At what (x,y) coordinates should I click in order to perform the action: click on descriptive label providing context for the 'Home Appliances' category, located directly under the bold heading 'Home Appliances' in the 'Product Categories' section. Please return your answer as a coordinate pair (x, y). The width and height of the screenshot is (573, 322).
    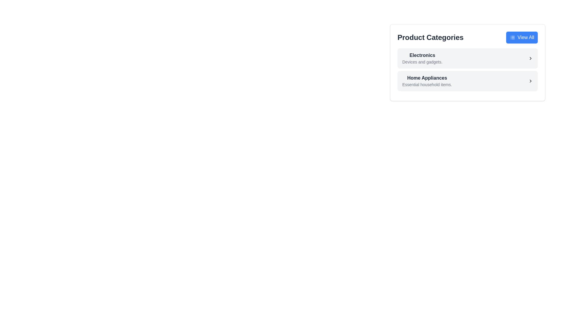
    Looking at the image, I should click on (427, 85).